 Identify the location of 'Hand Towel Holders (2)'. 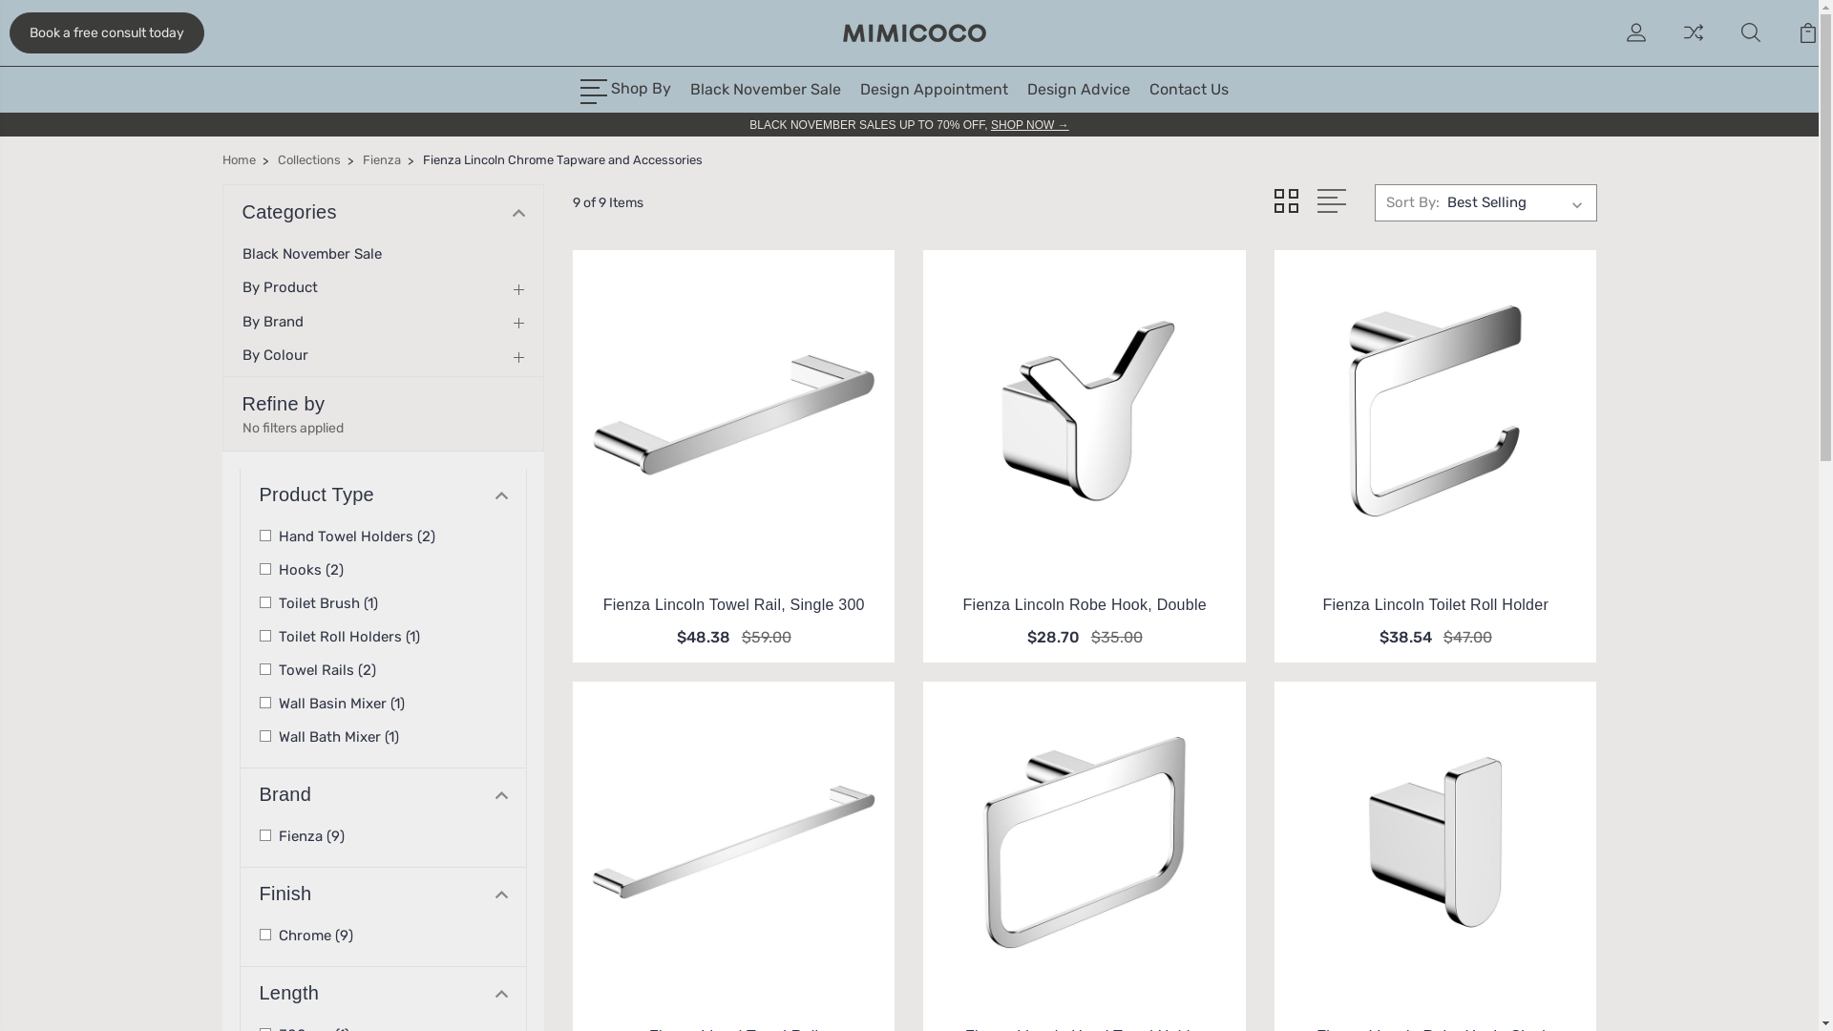
(383, 537).